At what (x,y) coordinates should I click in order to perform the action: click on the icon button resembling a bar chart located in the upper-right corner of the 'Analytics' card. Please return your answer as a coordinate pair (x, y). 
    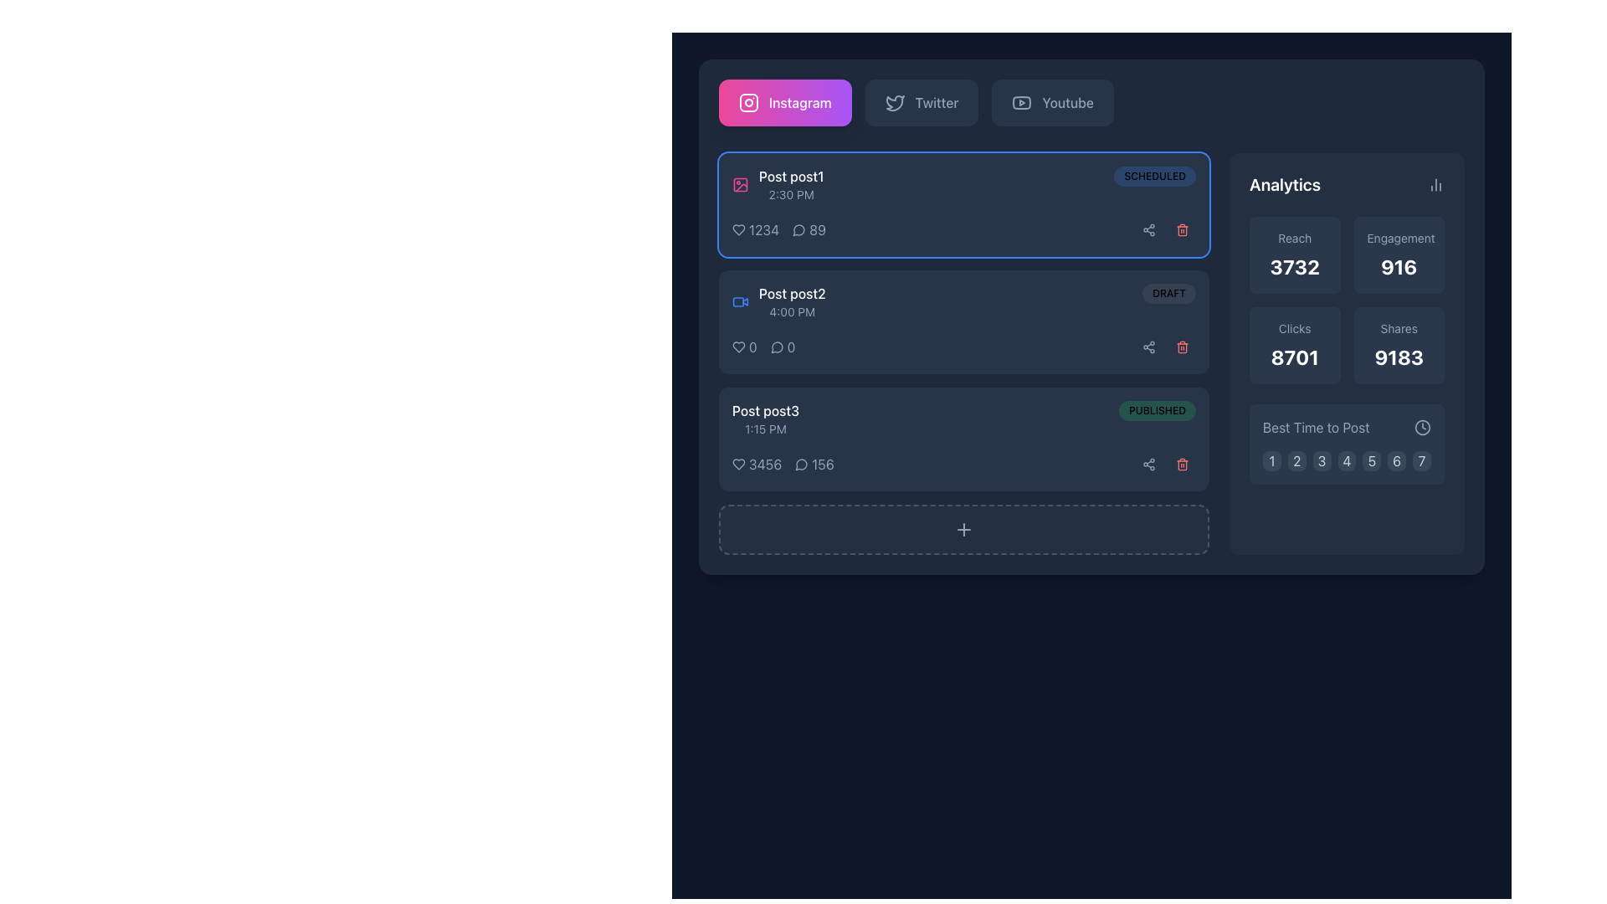
    Looking at the image, I should click on (1435, 184).